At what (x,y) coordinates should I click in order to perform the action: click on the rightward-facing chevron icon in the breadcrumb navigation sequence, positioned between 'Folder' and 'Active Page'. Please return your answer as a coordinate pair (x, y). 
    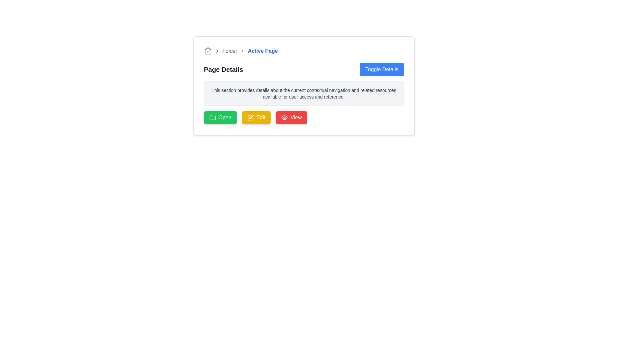
    Looking at the image, I should click on (242, 50).